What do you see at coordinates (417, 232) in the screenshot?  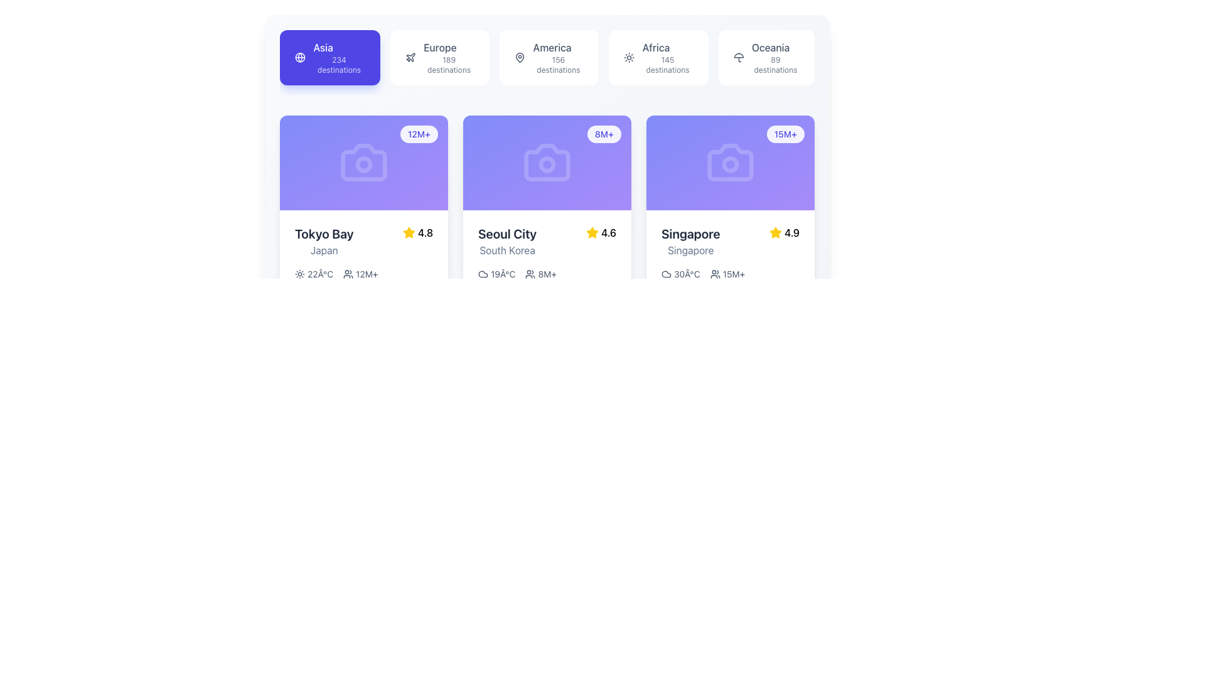 I see `the Rating display with icon and text for the 'Tokyo Bay' destination, which is located in the top-right area of the card below the purple image section` at bounding box center [417, 232].